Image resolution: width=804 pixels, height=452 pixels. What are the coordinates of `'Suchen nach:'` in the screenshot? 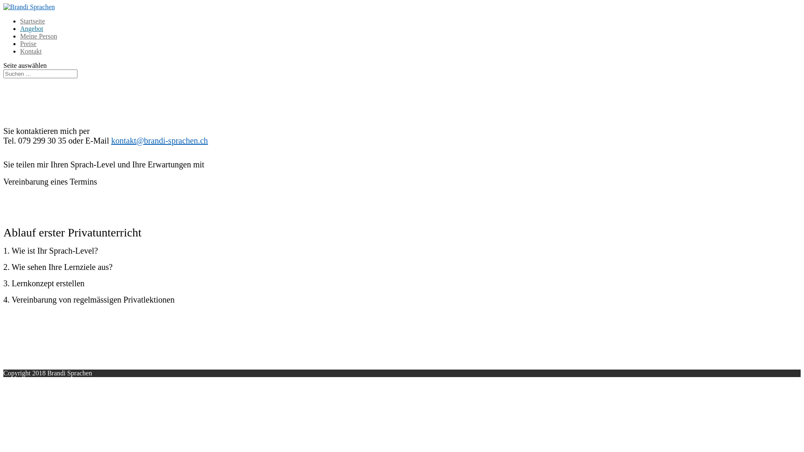 It's located at (40, 73).